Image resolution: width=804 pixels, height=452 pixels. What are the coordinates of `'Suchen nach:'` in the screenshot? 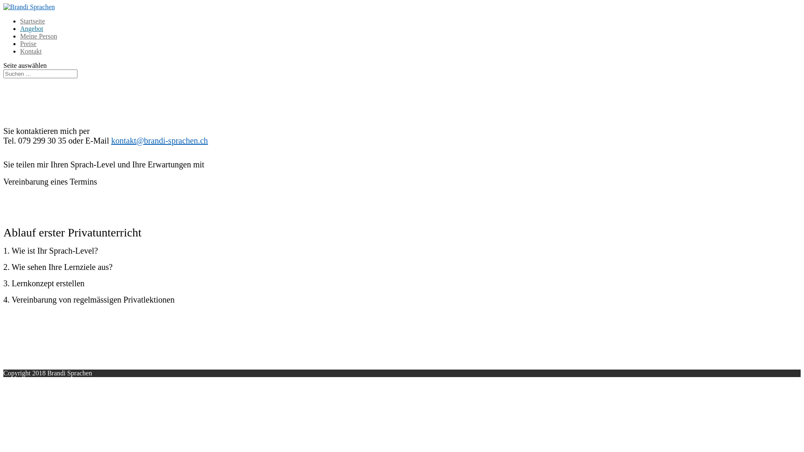 It's located at (40, 73).